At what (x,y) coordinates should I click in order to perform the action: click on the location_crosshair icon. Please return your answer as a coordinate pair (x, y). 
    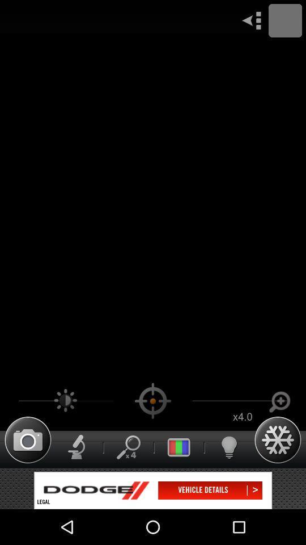
    Looking at the image, I should click on (153, 429).